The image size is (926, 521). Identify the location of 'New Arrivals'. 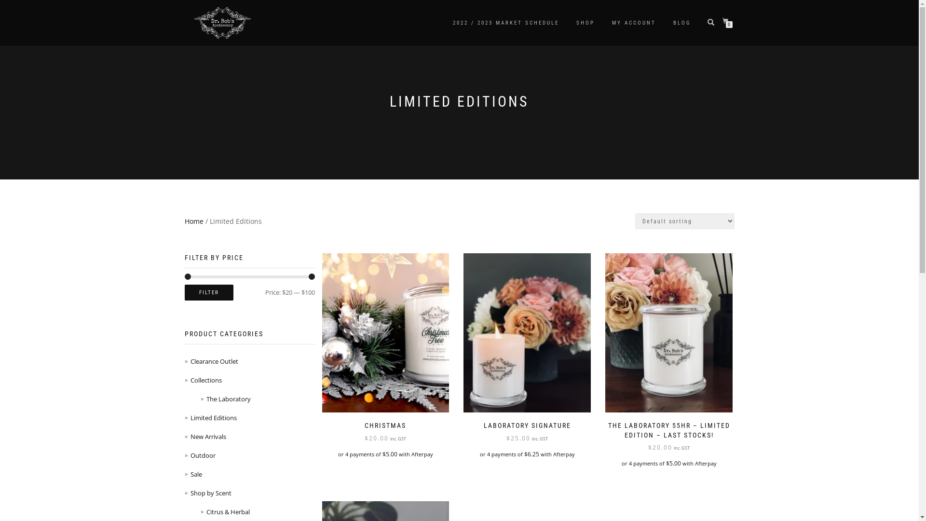
(190, 437).